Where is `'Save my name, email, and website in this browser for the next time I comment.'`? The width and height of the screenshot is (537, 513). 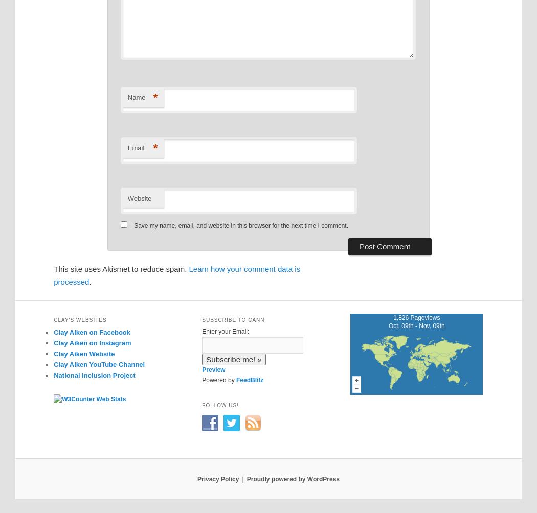
'Save my name, email, and website in this browser for the next time I comment.' is located at coordinates (241, 225).